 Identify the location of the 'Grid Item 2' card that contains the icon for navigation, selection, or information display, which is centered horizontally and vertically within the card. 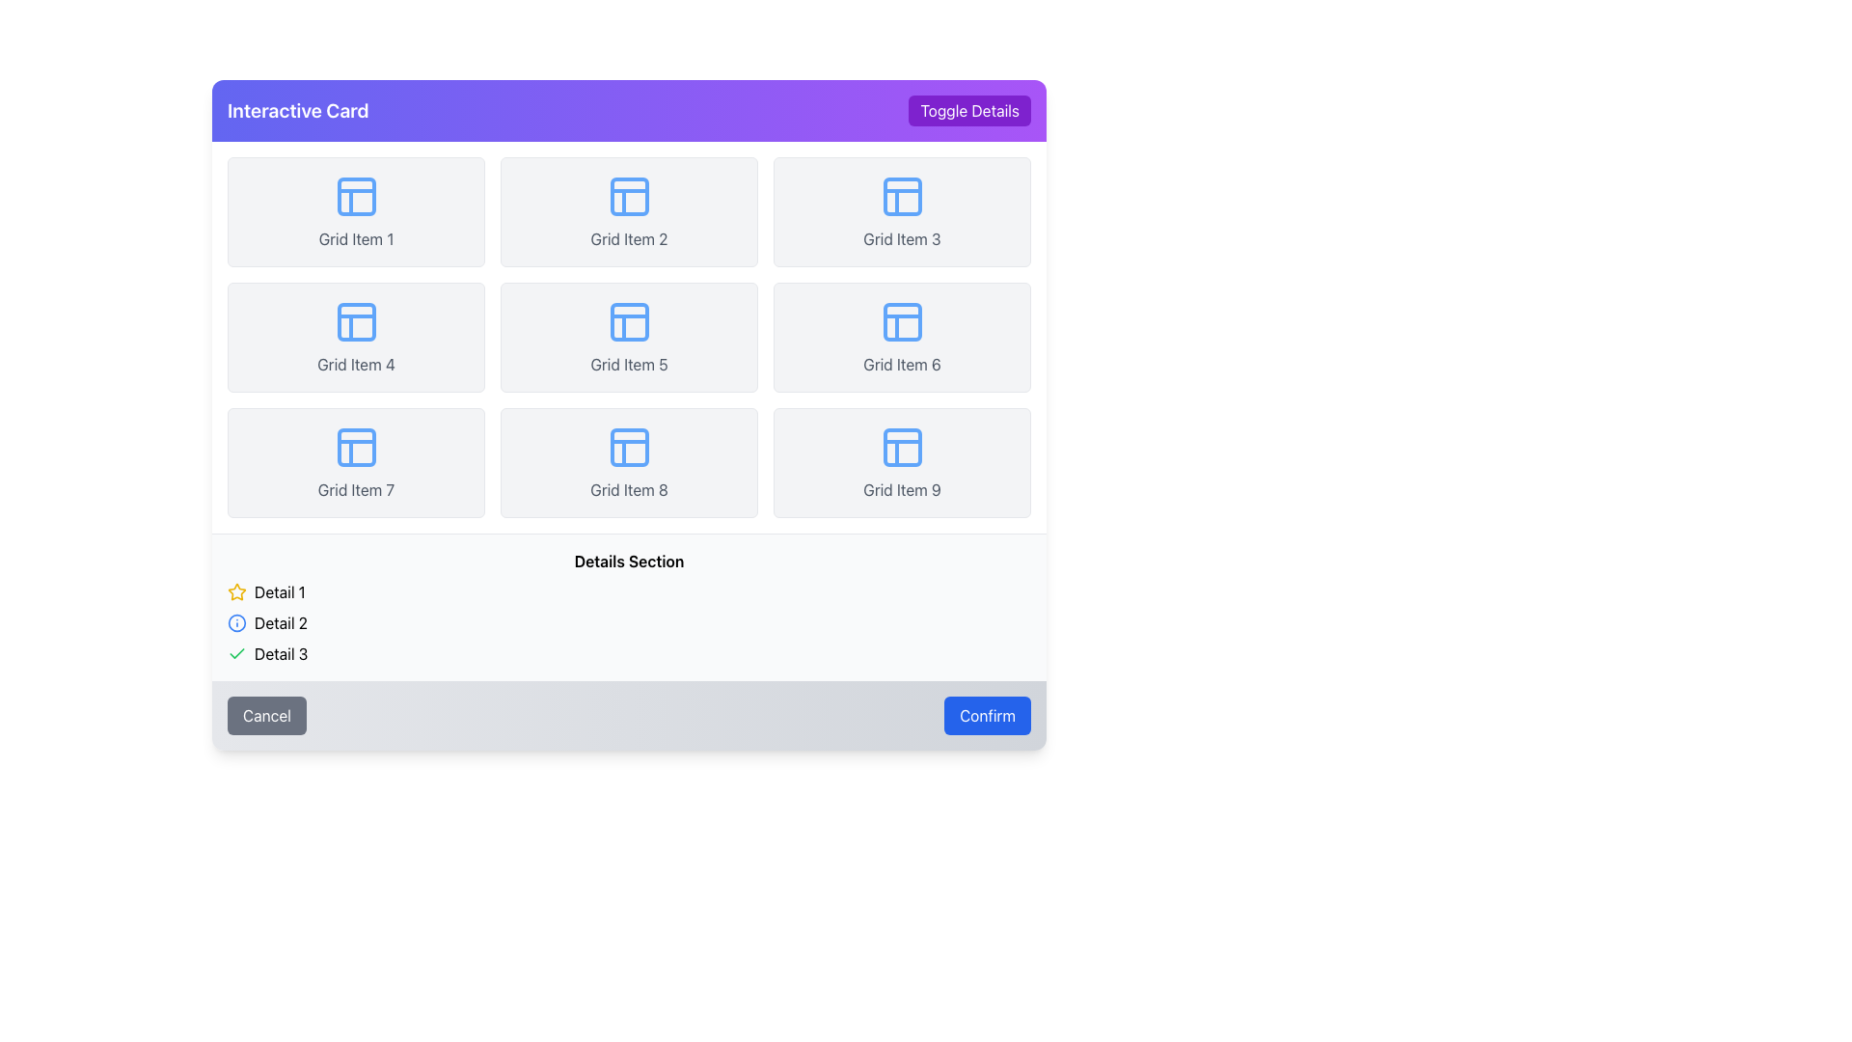
(629, 197).